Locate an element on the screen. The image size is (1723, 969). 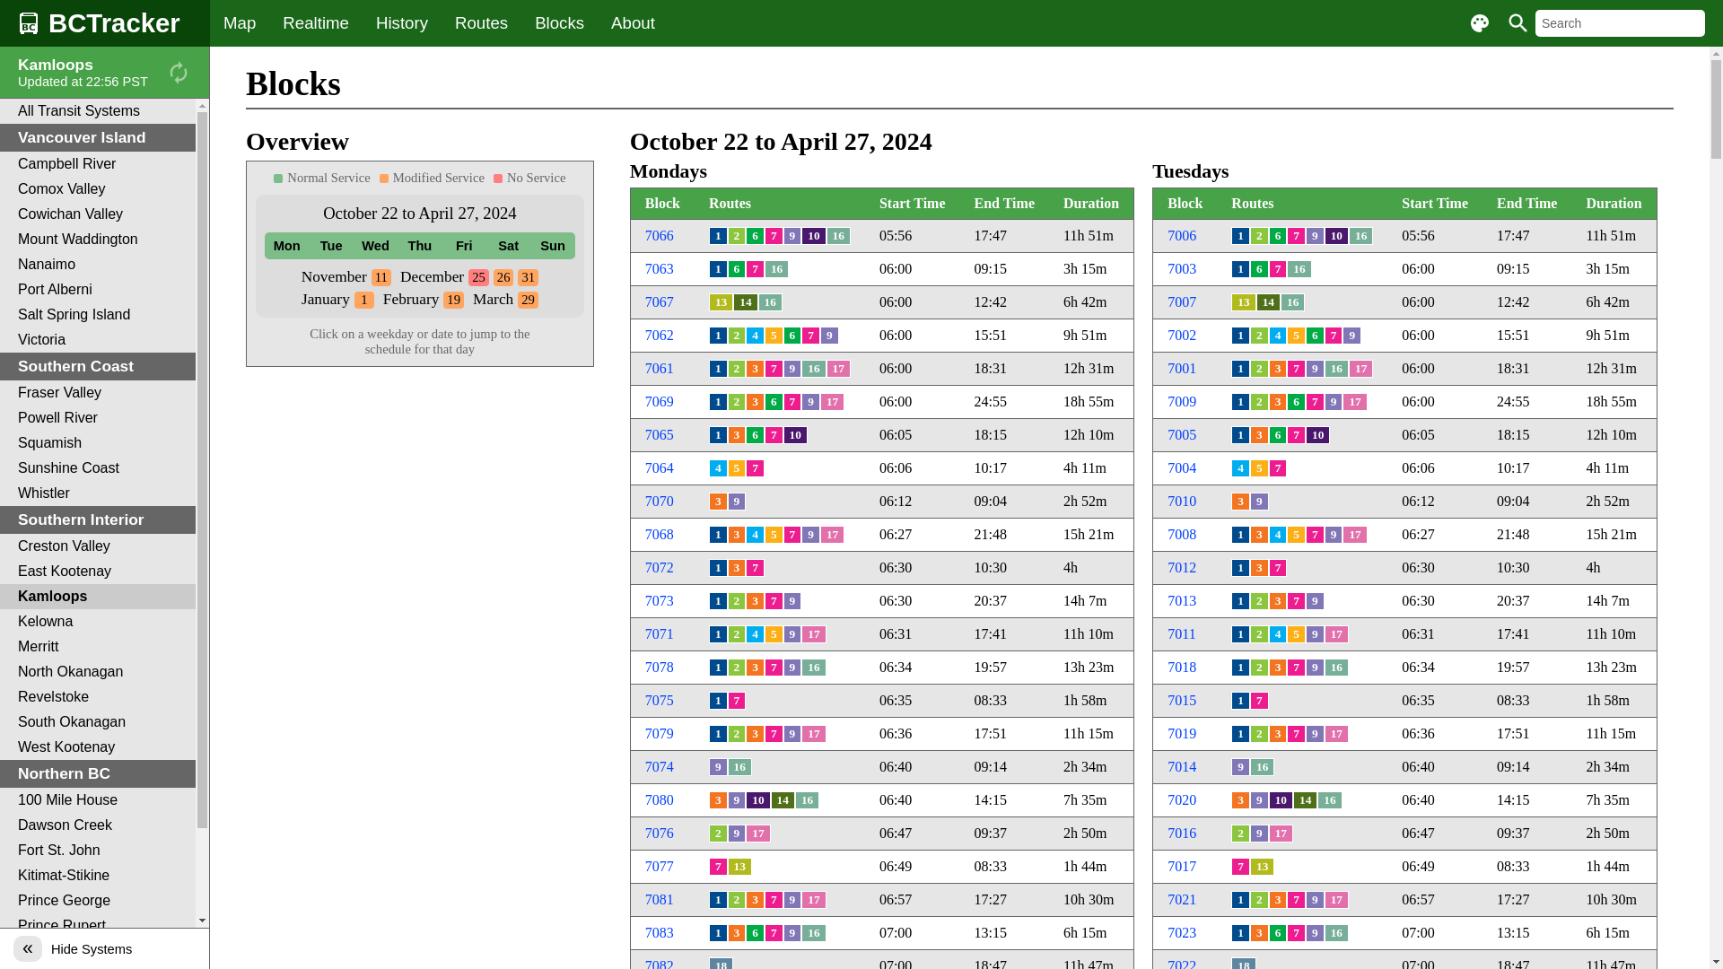
'7077' is located at coordinates (645, 865).